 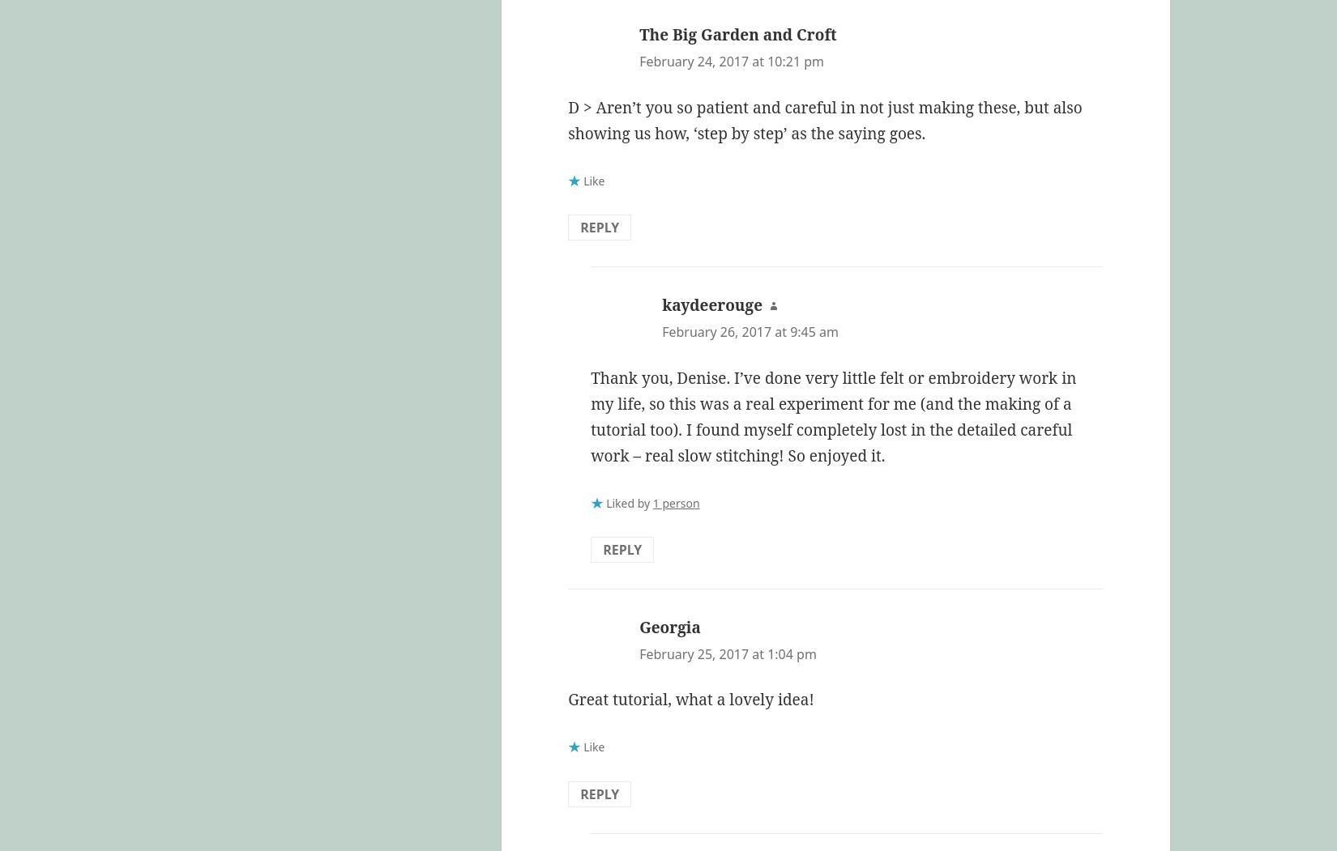 I want to click on 'Great tutorial, what a lovely idea!', so click(x=690, y=699).